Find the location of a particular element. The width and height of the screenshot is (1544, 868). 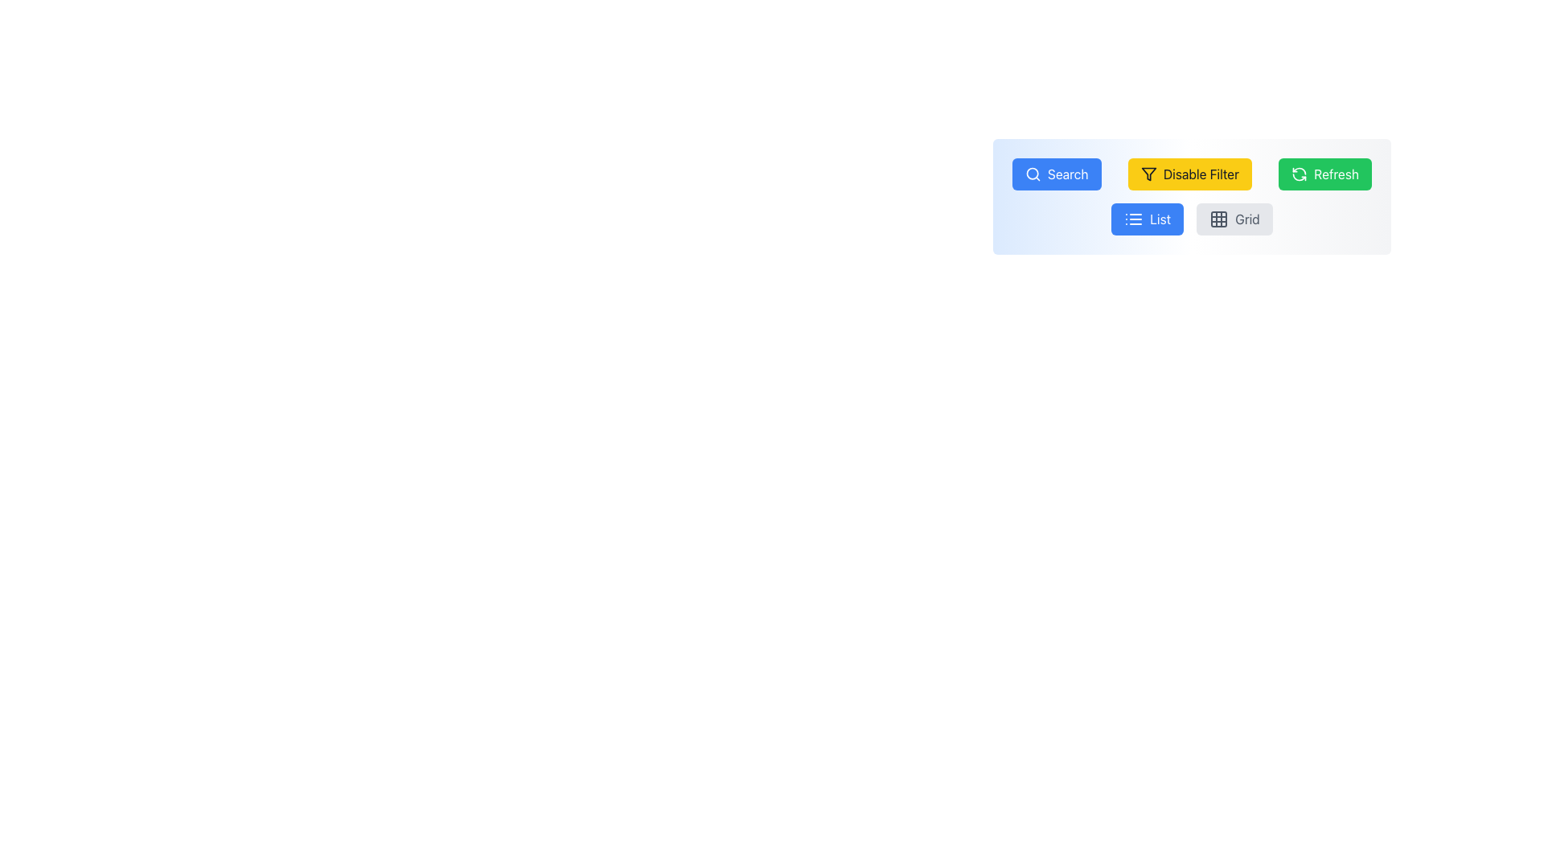

on the Control Panel Group is located at coordinates (1192, 196).